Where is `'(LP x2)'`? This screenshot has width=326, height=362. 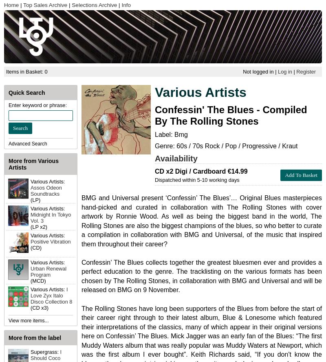 '(LP x2)' is located at coordinates (31, 227).